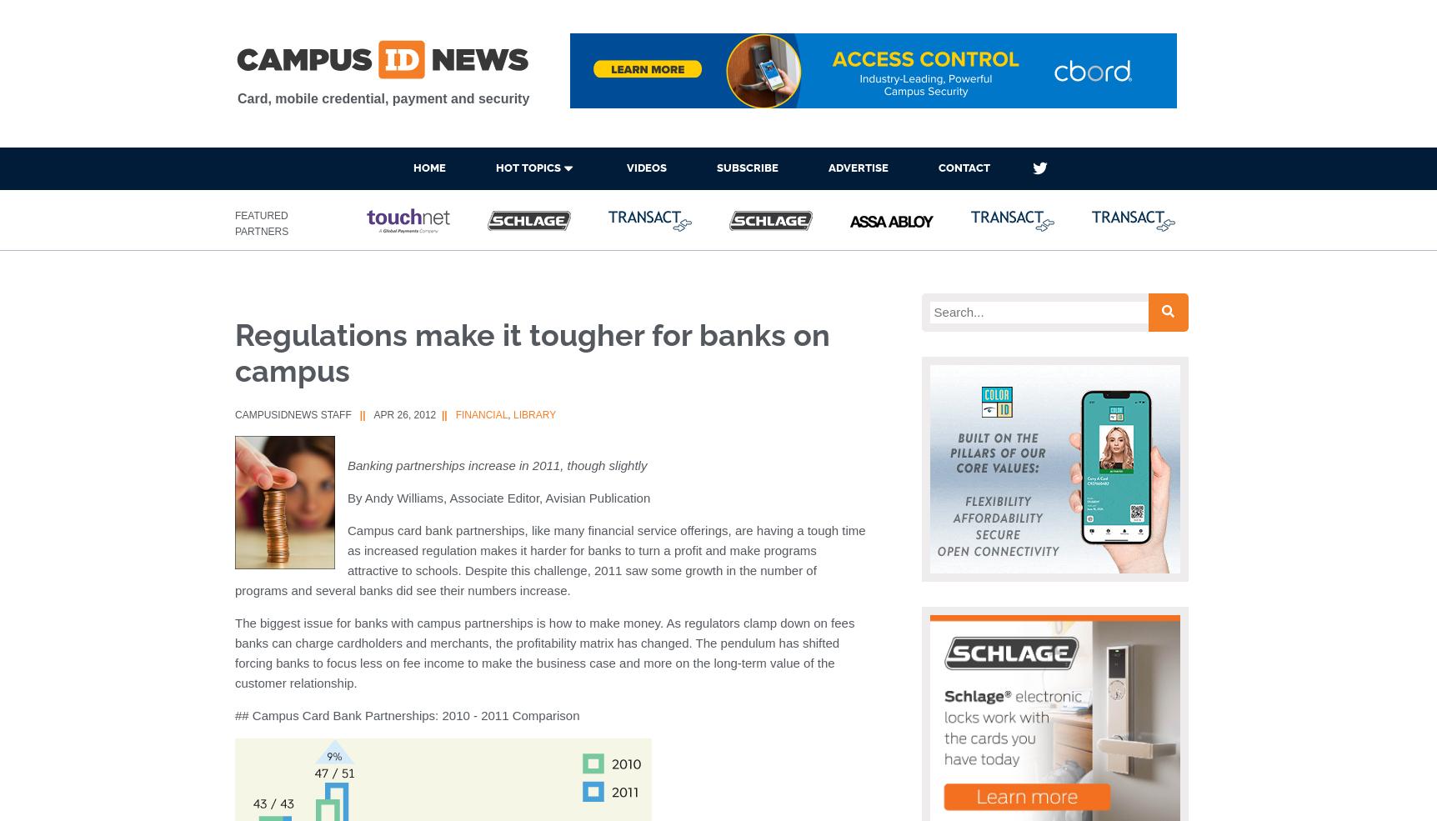 The image size is (1437, 821). I want to click on 'CampusIDNews Staff', so click(234, 415).